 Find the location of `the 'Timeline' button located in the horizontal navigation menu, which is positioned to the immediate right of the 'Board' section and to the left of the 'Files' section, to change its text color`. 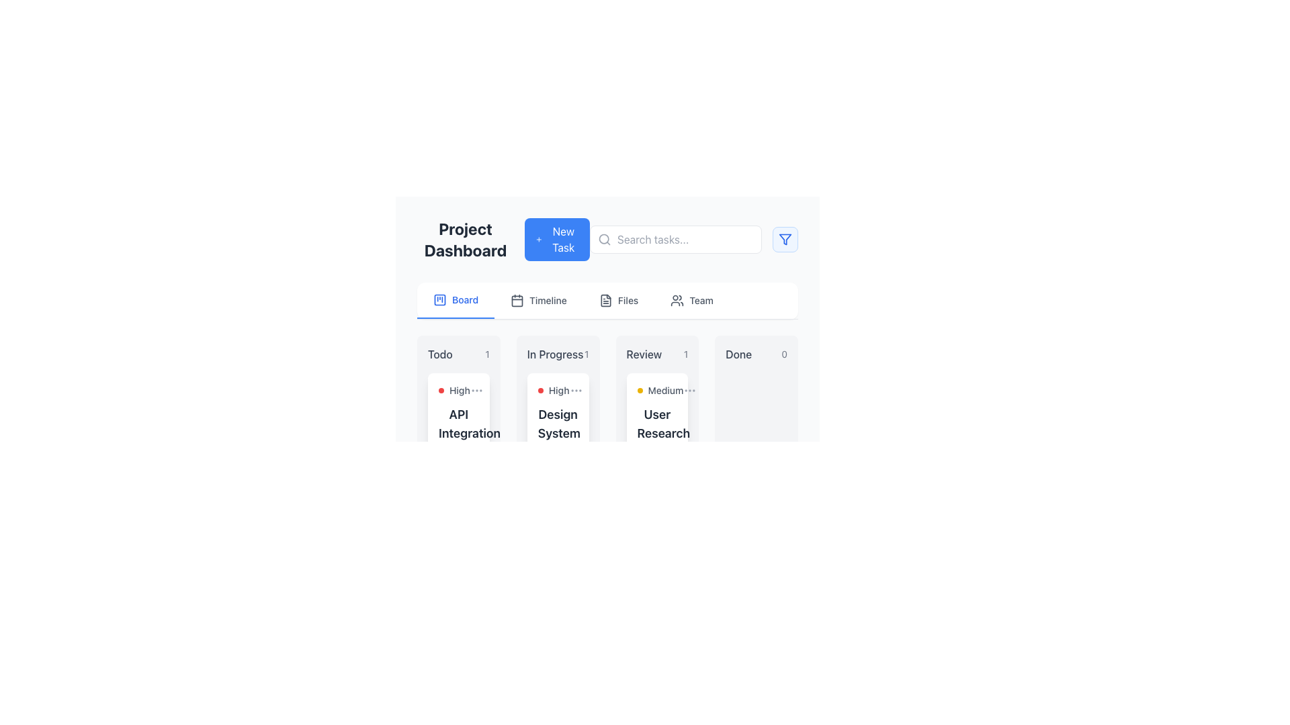

the 'Timeline' button located in the horizontal navigation menu, which is positioned to the immediate right of the 'Board' section and to the left of the 'Files' section, to change its text color is located at coordinates (538, 299).